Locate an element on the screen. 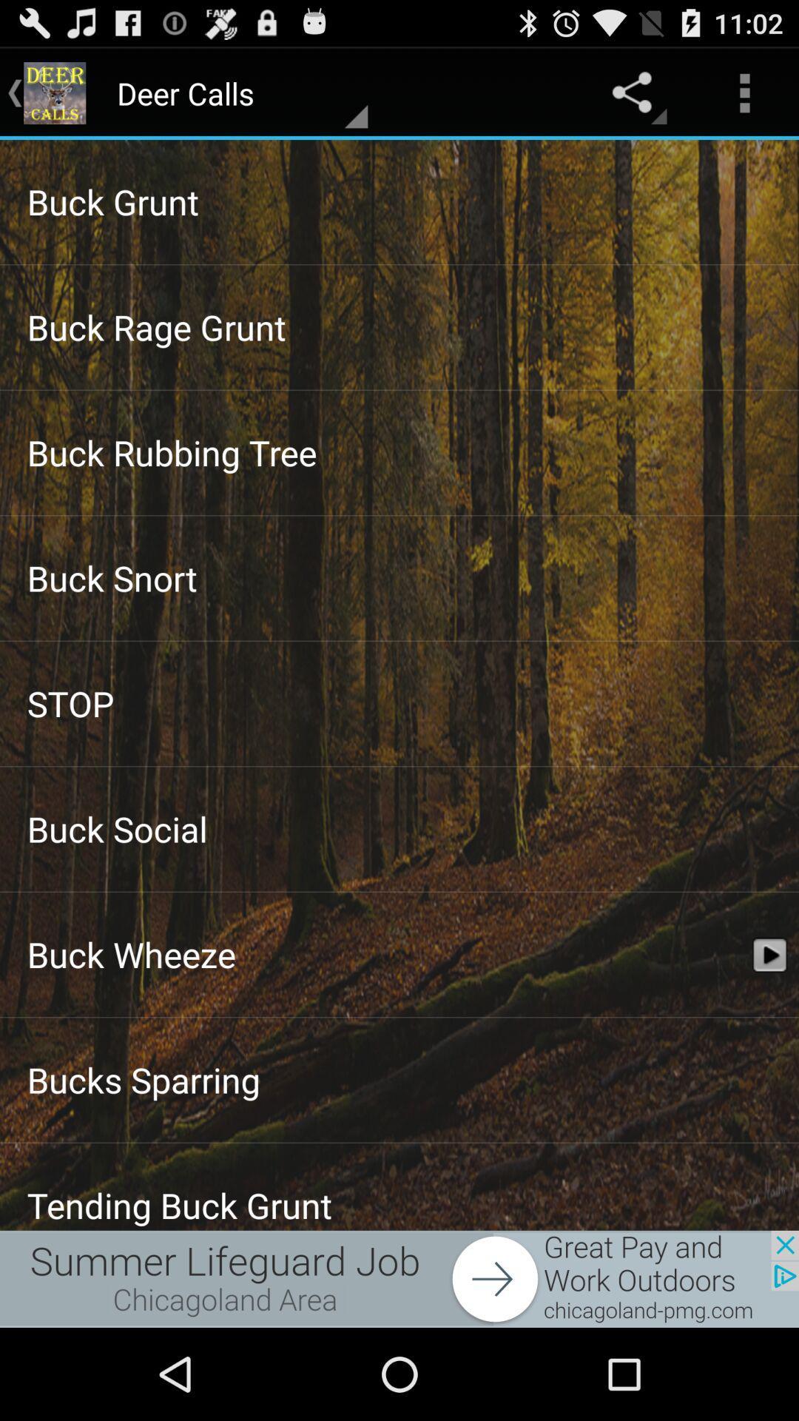  to go cease is located at coordinates (399, 1278).